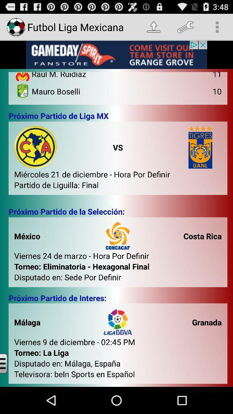  What do you see at coordinates (10, 363) in the screenshot?
I see `open menu bar` at bounding box center [10, 363].